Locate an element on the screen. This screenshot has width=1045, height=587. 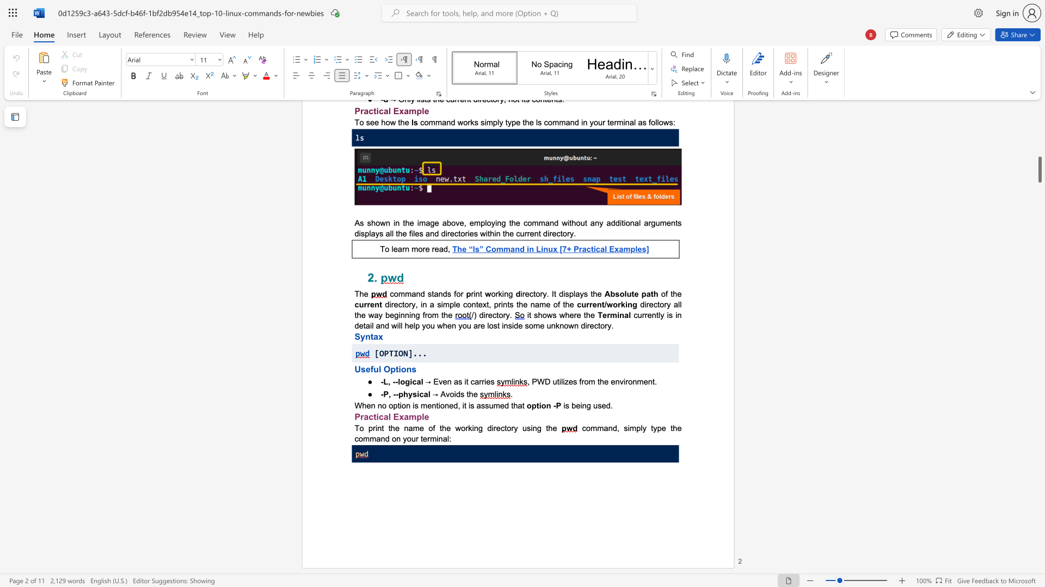
the subset text "s th" within the text "→ Avoids the" is located at coordinates (460, 394).